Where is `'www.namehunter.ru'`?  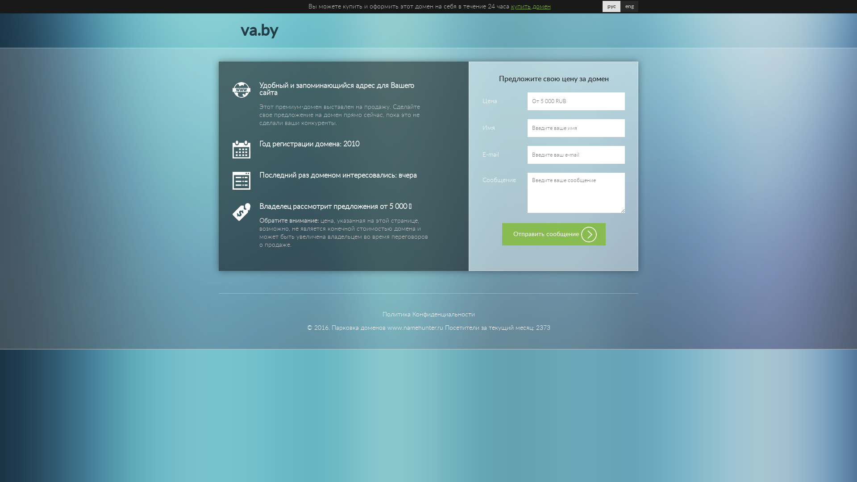 'www.namehunter.ru' is located at coordinates (415, 328).